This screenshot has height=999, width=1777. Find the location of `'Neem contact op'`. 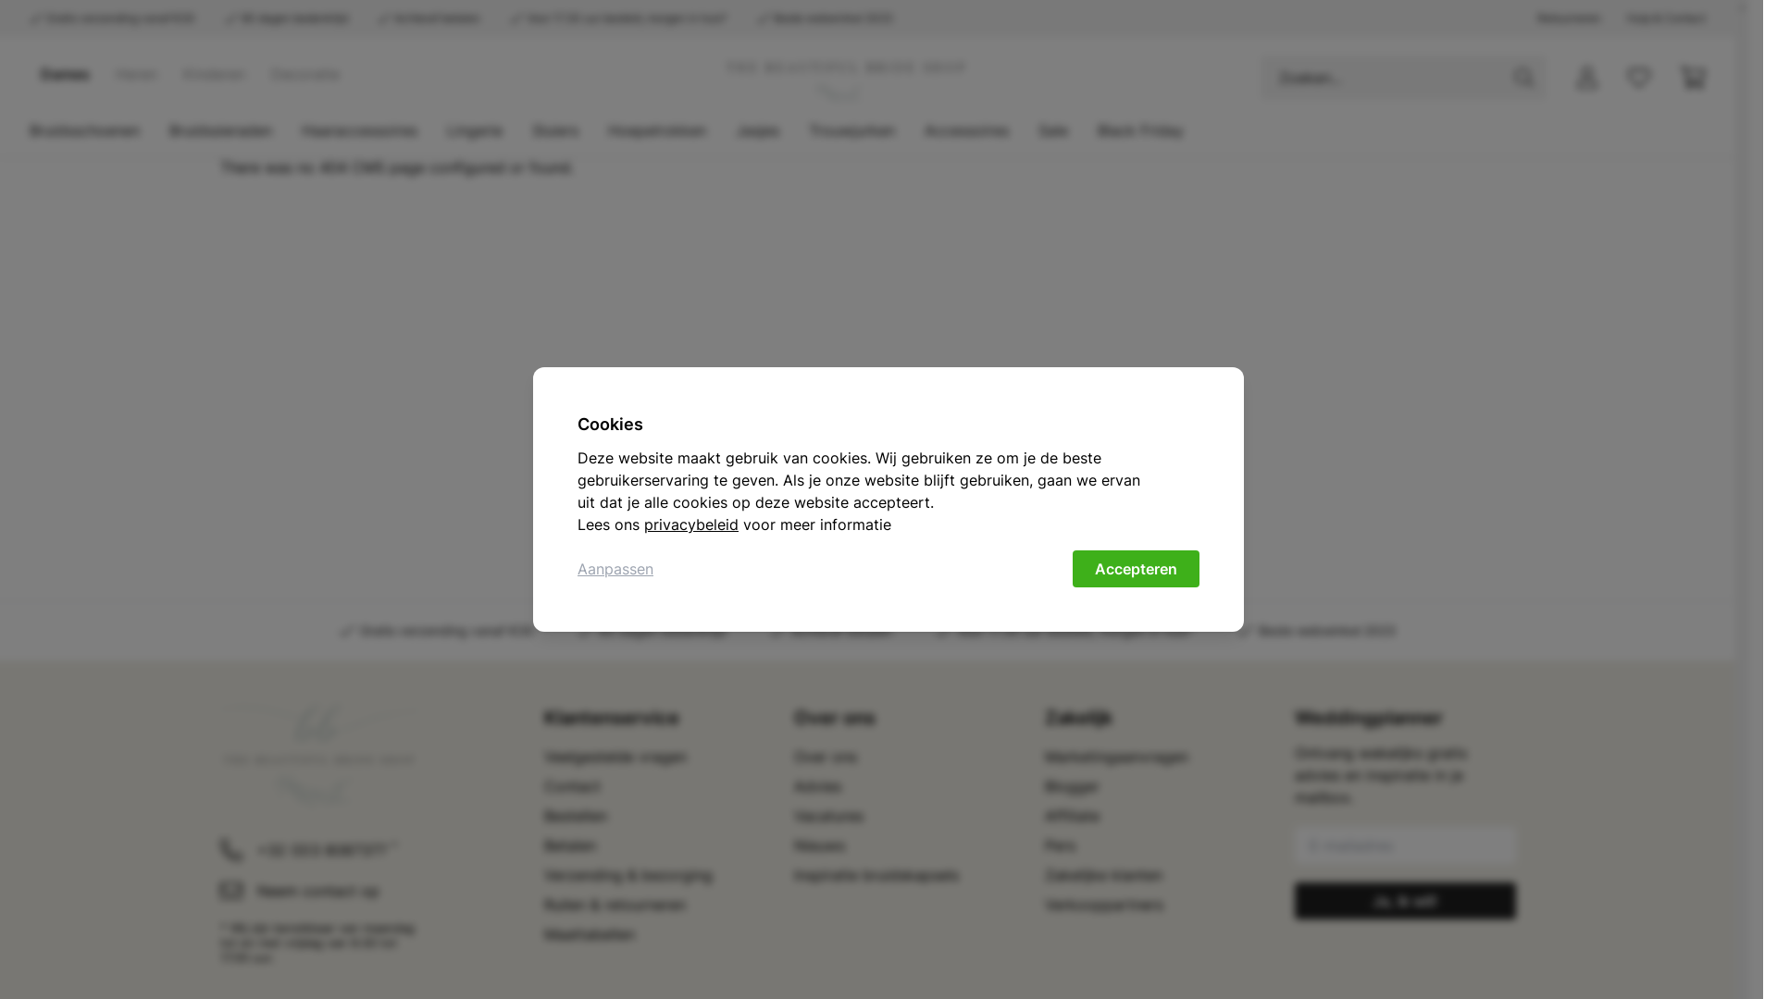

'Neem contact op' is located at coordinates (380, 890).